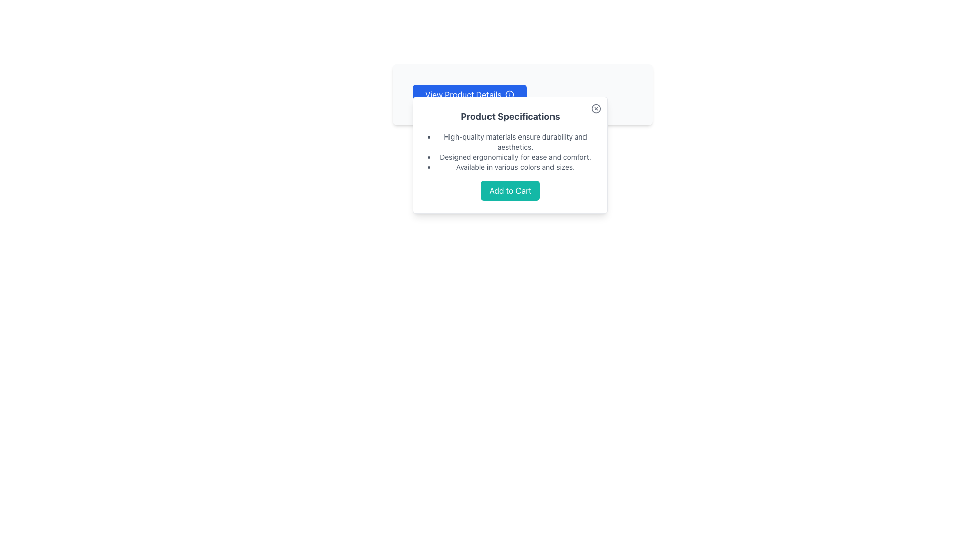 The height and width of the screenshot is (548, 975). Describe the element at coordinates (510, 190) in the screenshot. I see `the 'Add to Cart' button, which is a teal rectangular button with rounded corners and white text` at that location.